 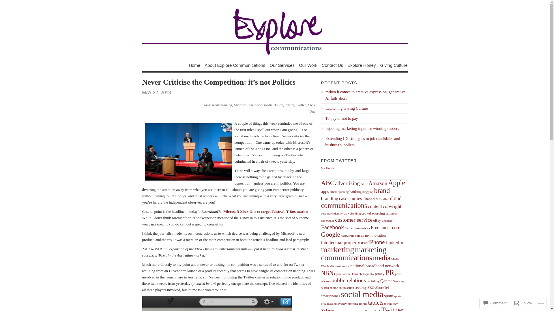 I want to click on 'spam', so click(x=389, y=295).